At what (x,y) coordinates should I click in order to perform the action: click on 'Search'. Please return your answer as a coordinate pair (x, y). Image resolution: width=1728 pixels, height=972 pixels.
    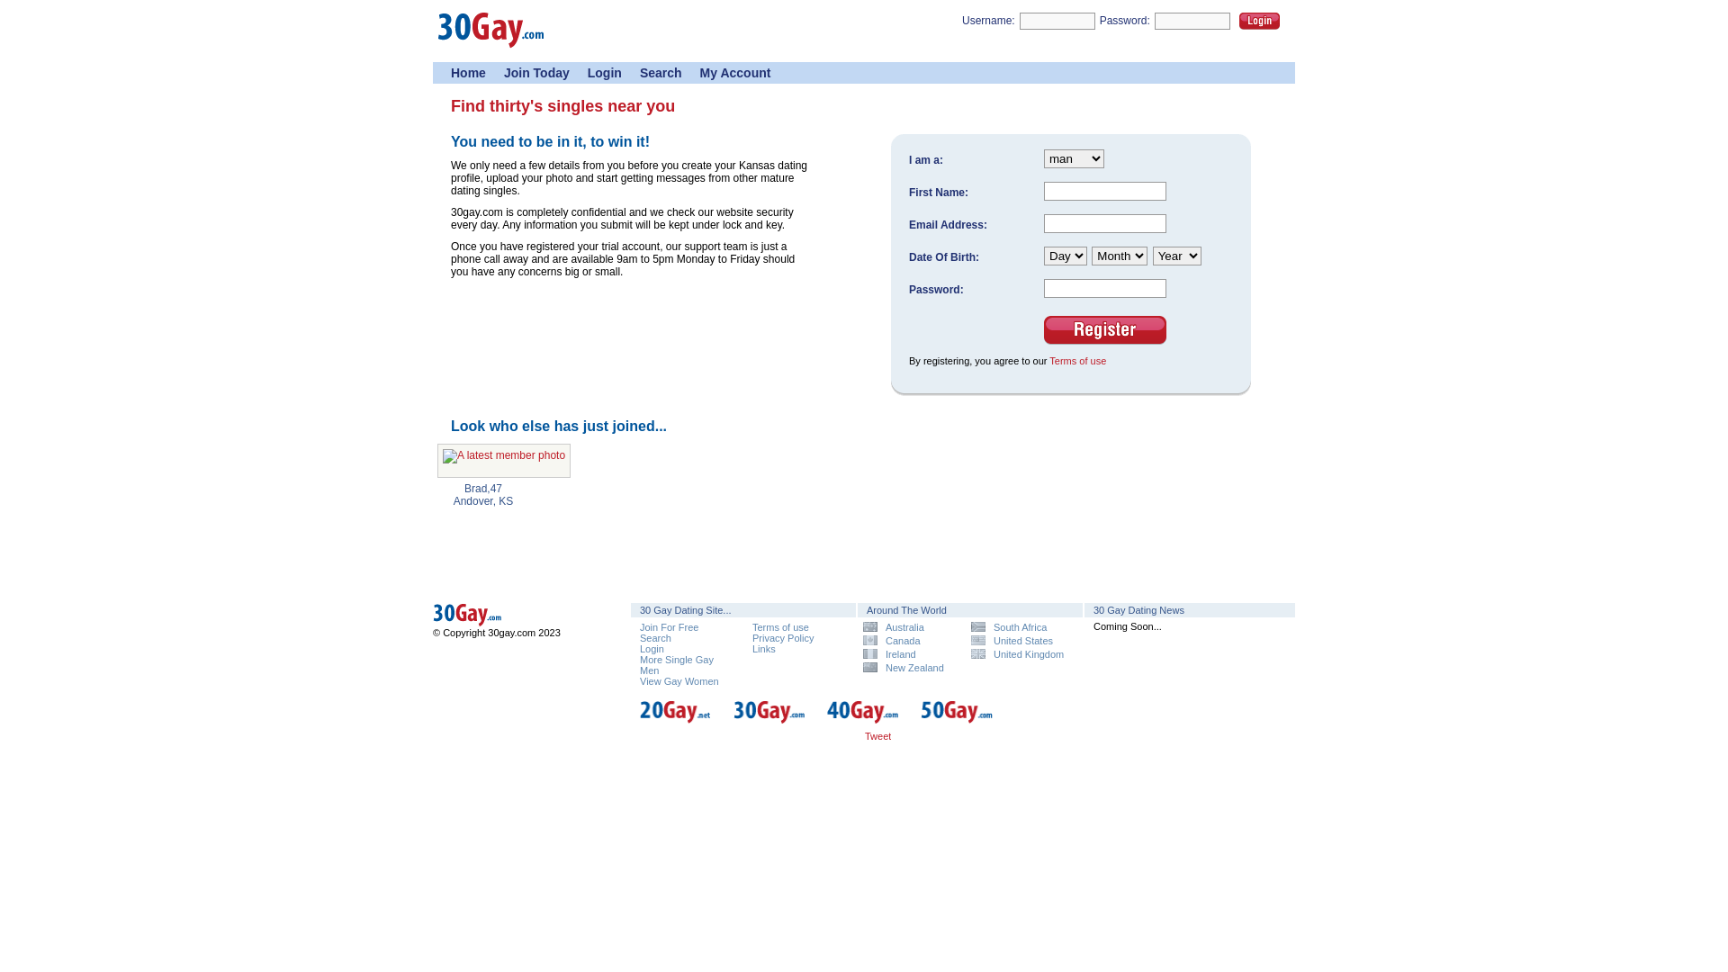
    Looking at the image, I should click on (639, 72).